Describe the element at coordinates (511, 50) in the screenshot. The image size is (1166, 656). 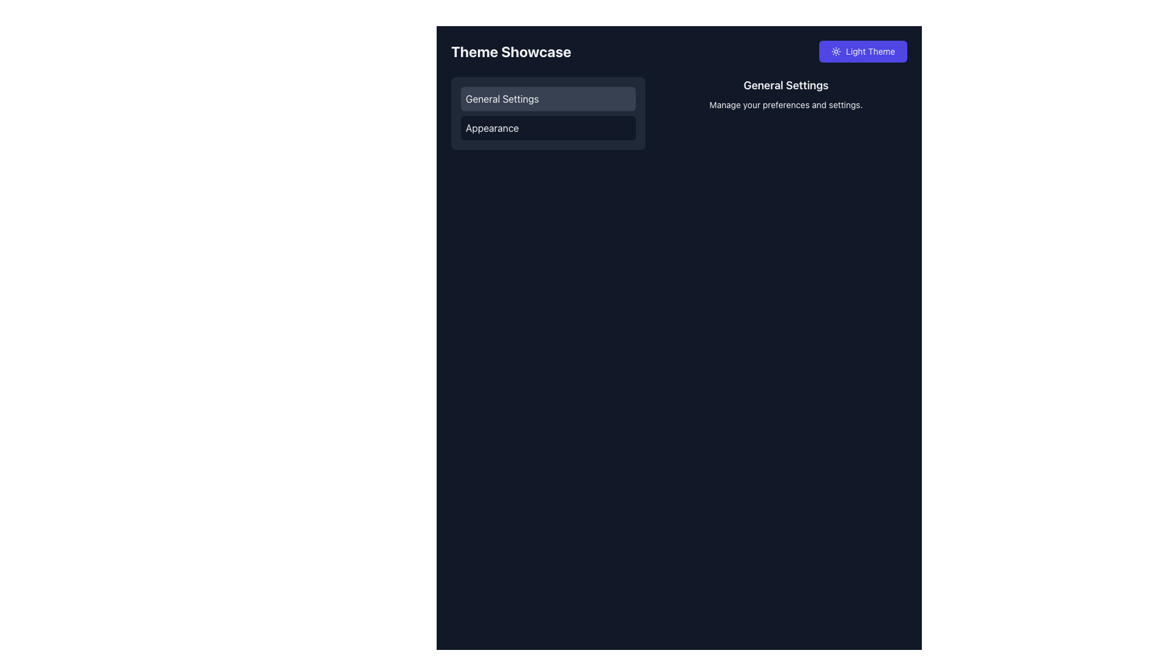
I see `the text label displaying 'Theme Showcase' in bold, large font, located at the top of the page` at that location.